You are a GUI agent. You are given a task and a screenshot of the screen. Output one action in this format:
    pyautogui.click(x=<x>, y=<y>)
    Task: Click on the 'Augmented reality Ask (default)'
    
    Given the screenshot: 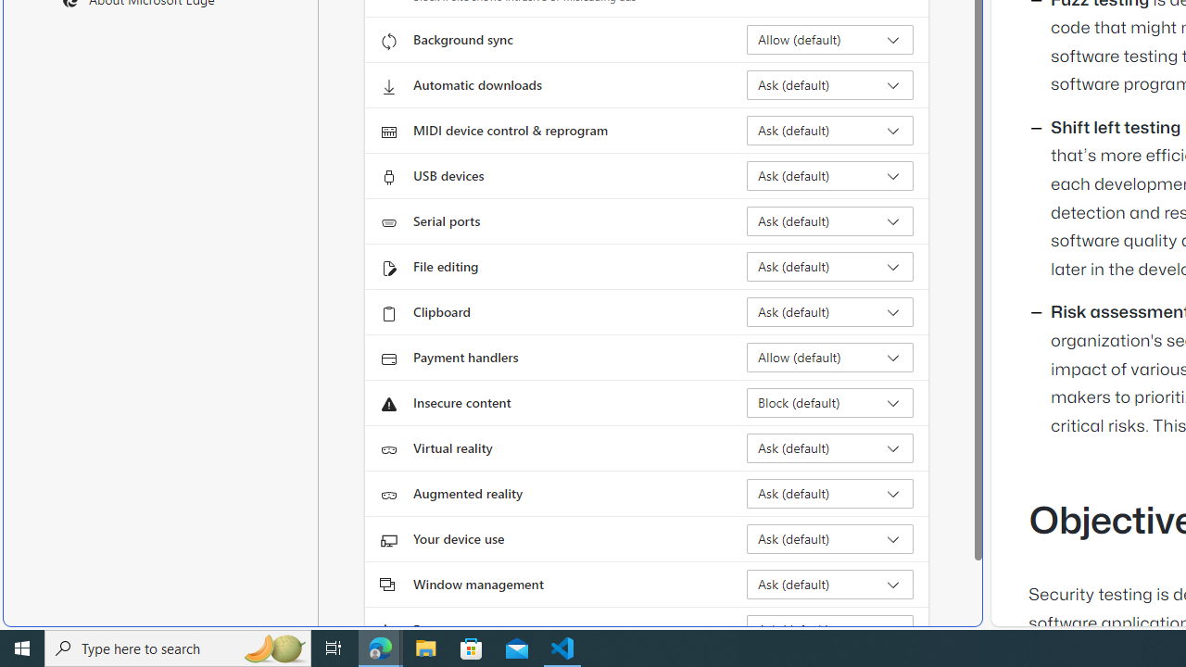 What is the action you would take?
    pyautogui.click(x=829, y=492)
    